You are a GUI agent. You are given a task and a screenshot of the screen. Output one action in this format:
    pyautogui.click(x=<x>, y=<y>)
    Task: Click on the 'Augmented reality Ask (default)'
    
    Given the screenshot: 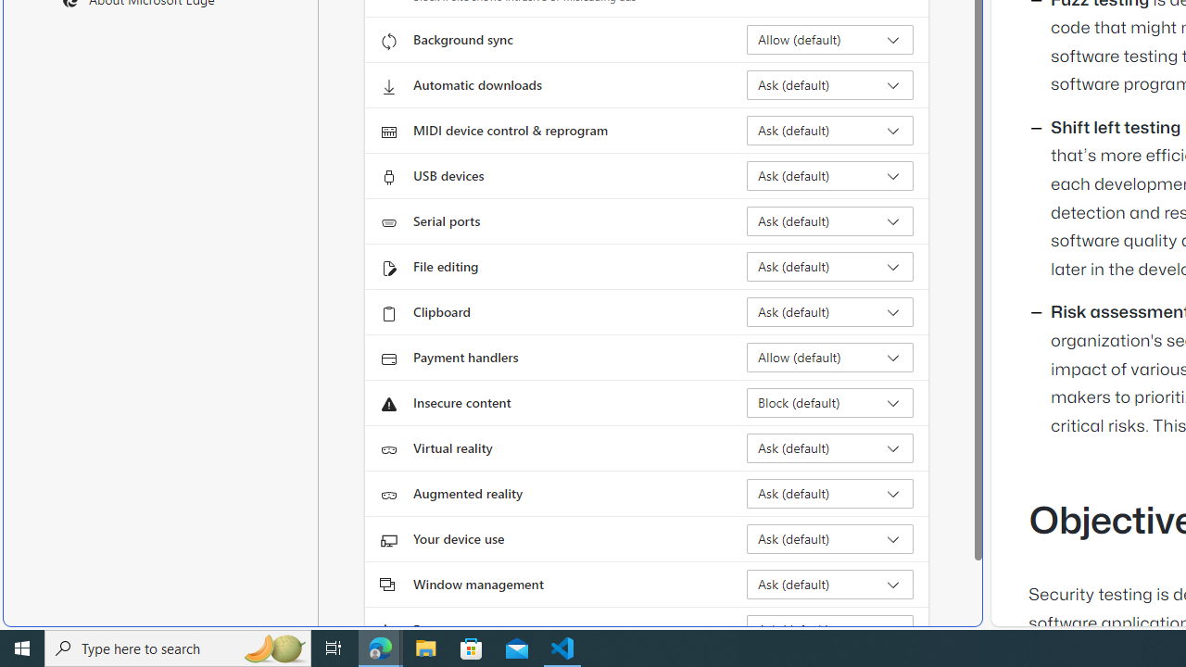 What is the action you would take?
    pyautogui.click(x=829, y=492)
    